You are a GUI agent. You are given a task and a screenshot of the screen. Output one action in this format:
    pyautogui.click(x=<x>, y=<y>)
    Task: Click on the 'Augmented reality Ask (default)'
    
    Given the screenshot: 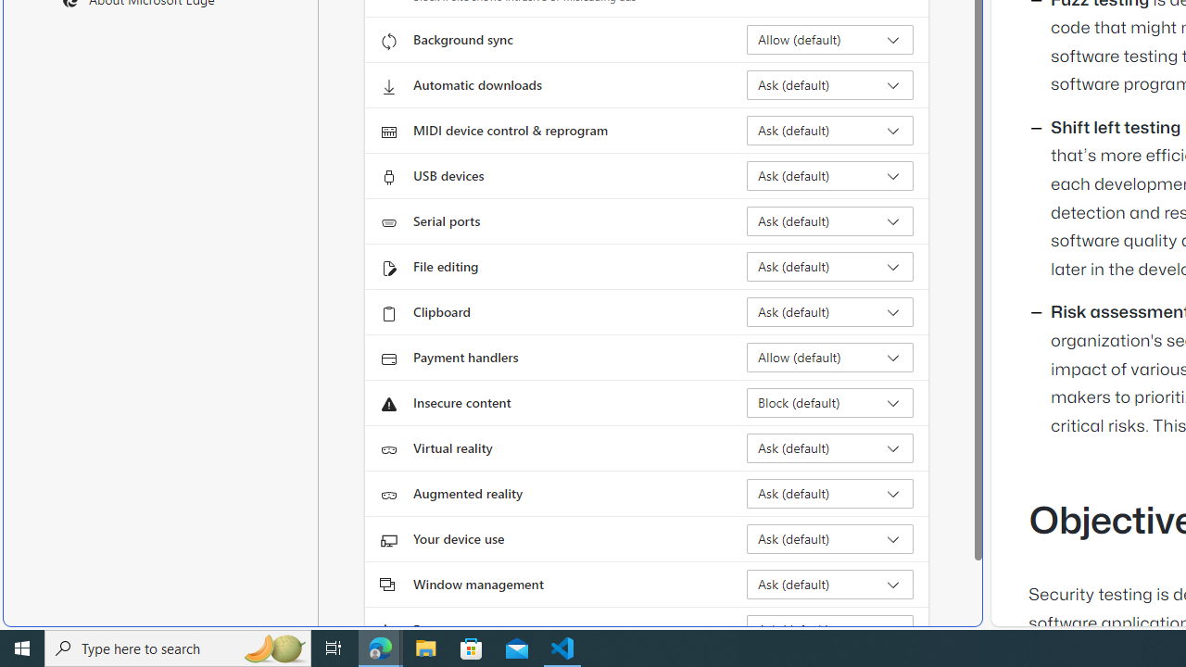 What is the action you would take?
    pyautogui.click(x=829, y=492)
    